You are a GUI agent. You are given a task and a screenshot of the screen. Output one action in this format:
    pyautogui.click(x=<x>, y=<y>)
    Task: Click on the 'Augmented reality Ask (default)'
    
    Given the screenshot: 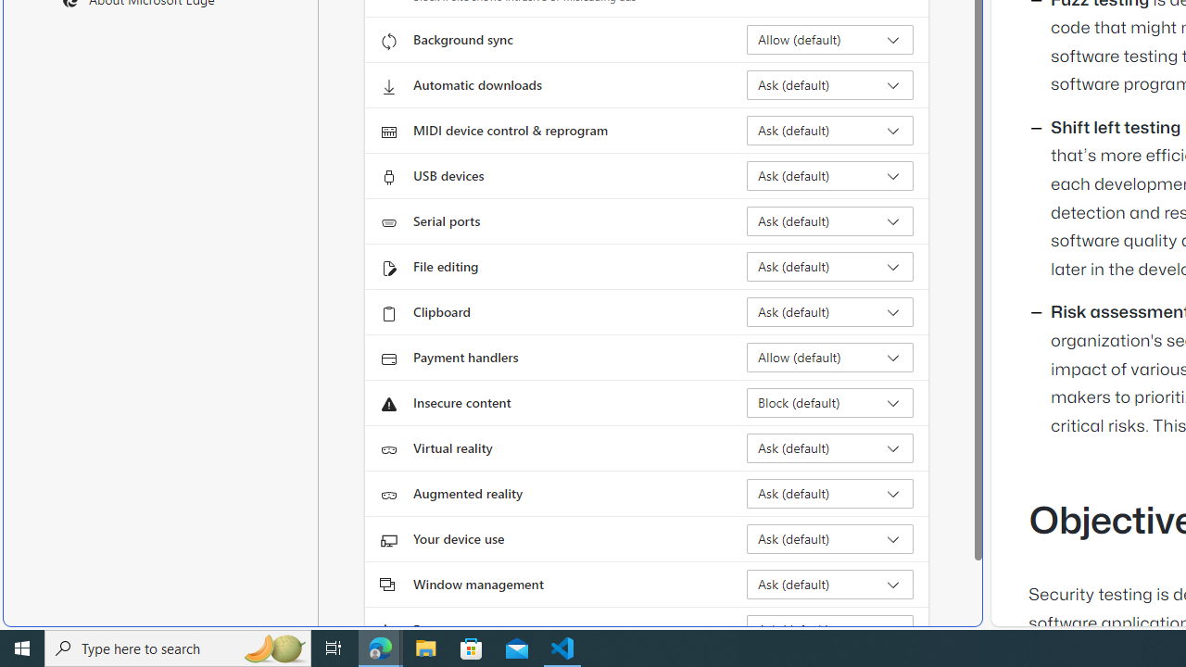 What is the action you would take?
    pyautogui.click(x=829, y=492)
    